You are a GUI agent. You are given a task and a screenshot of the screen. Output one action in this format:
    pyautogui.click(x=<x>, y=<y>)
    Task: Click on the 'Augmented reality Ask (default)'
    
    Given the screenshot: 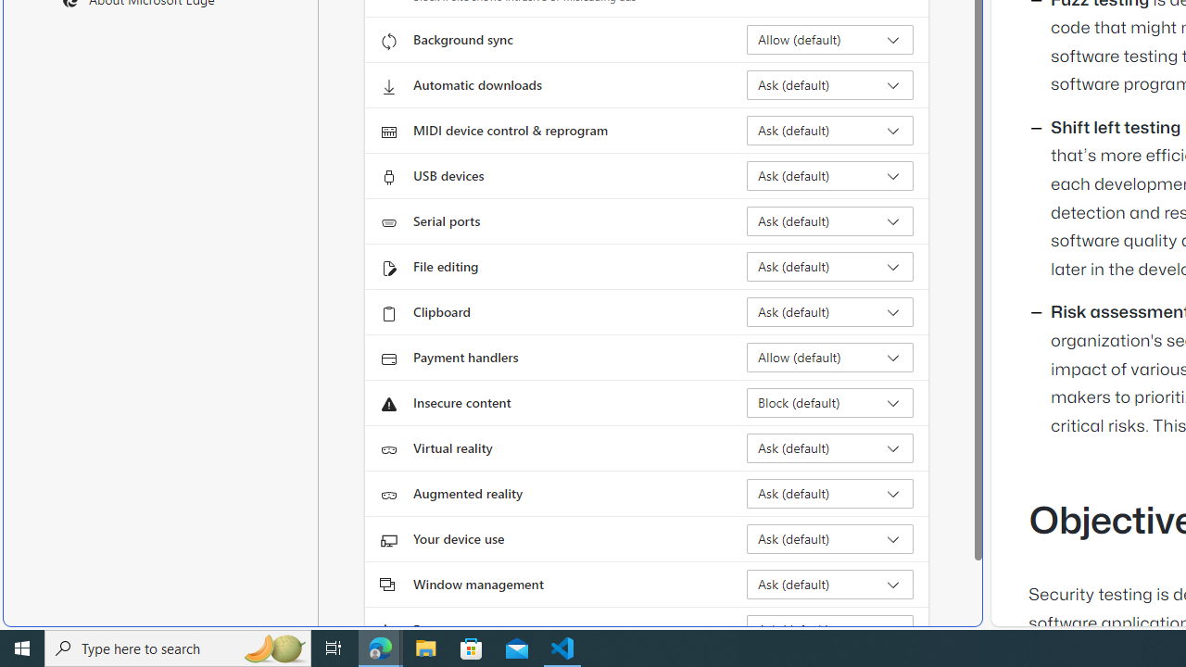 What is the action you would take?
    pyautogui.click(x=829, y=492)
    